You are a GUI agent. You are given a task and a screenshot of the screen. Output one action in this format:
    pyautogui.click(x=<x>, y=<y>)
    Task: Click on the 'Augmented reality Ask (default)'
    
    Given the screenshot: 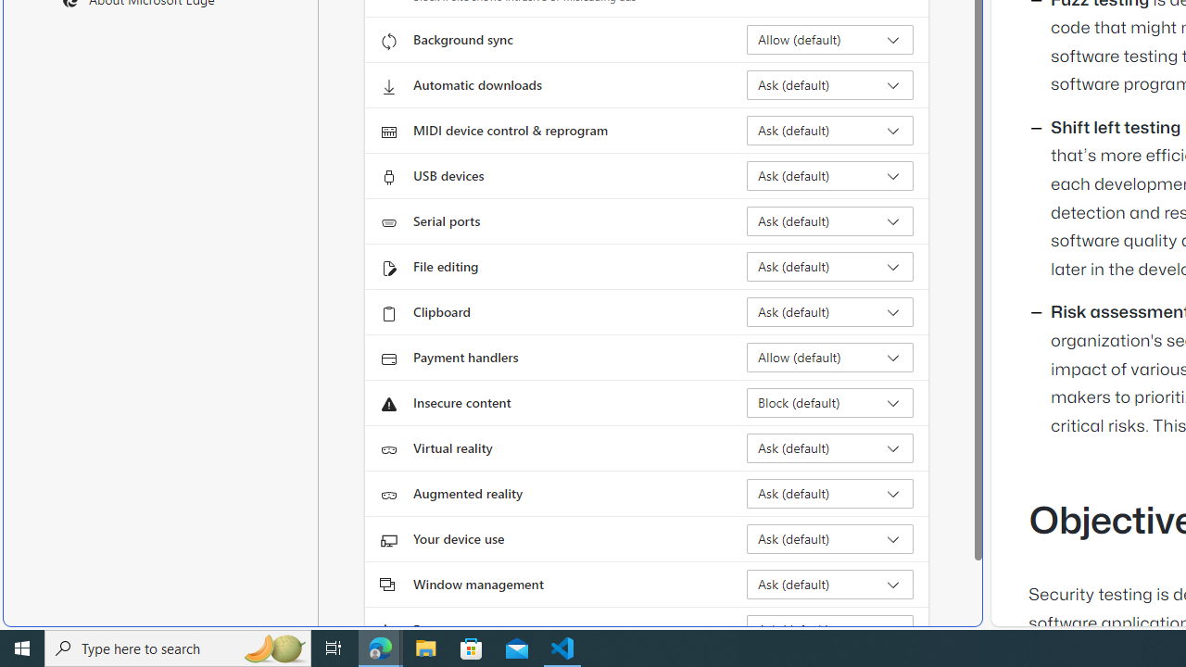 What is the action you would take?
    pyautogui.click(x=829, y=492)
    